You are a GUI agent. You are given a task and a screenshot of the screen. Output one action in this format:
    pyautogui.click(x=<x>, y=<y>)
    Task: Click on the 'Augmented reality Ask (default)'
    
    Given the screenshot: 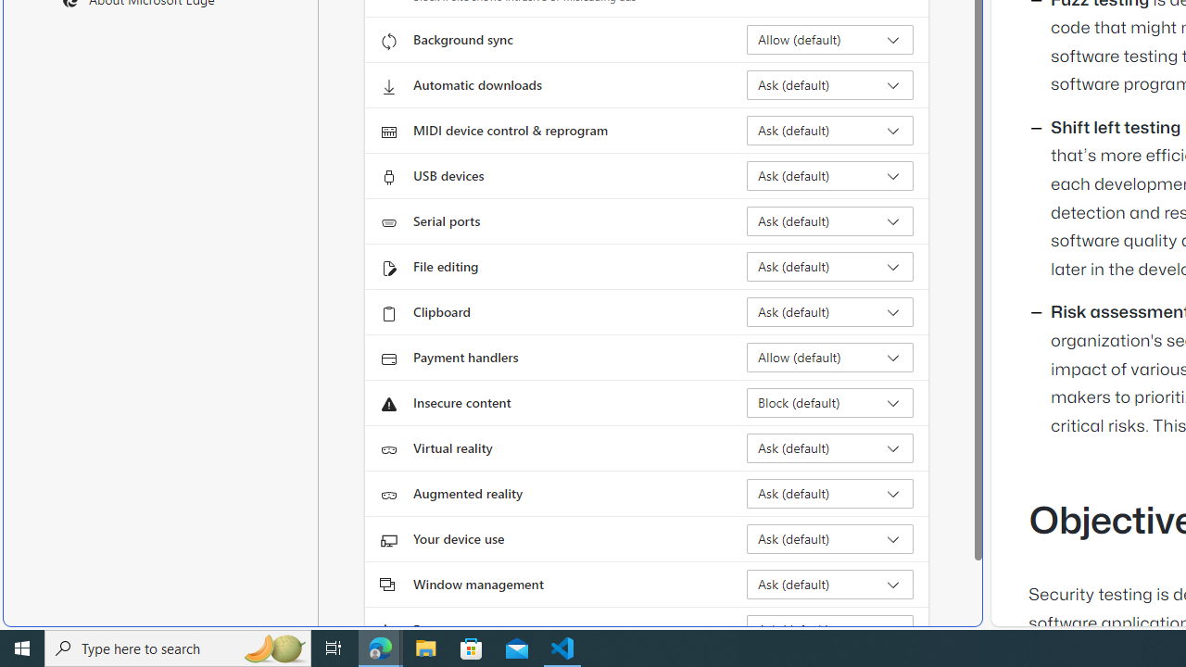 What is the action you would take?
    pyautogui.click(x=829, y=492)
    